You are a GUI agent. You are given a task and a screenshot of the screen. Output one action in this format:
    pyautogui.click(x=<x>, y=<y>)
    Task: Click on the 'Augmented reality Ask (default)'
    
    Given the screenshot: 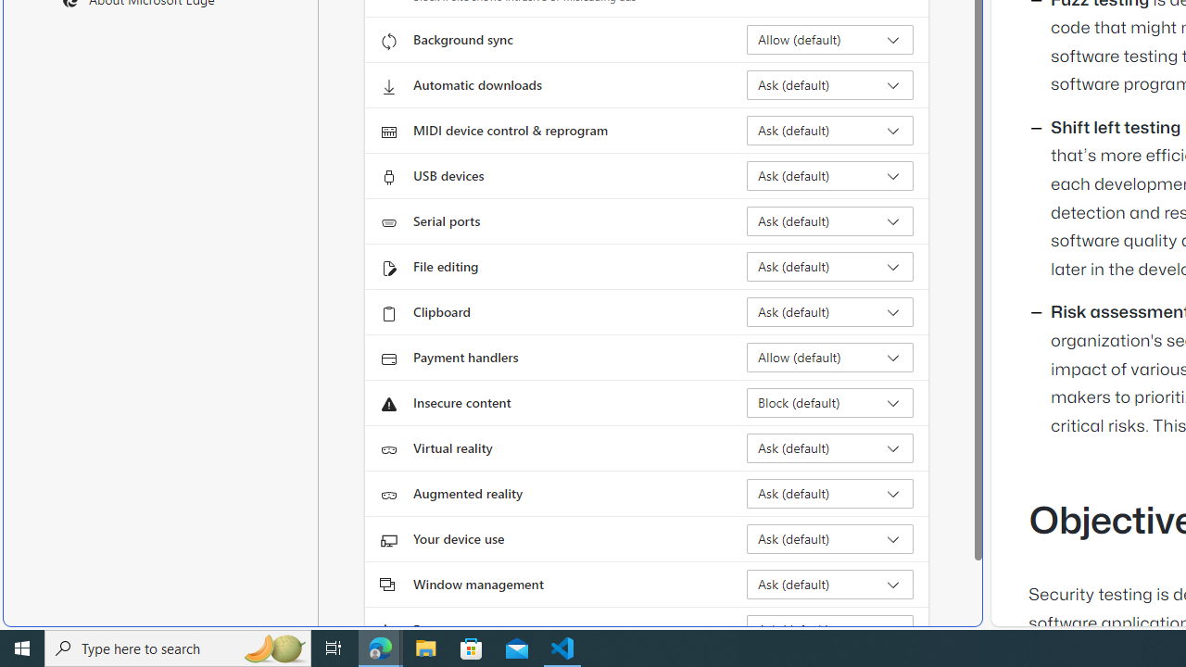 What is the action you would take?
    pyautogui.click(x=829, y=492)
    